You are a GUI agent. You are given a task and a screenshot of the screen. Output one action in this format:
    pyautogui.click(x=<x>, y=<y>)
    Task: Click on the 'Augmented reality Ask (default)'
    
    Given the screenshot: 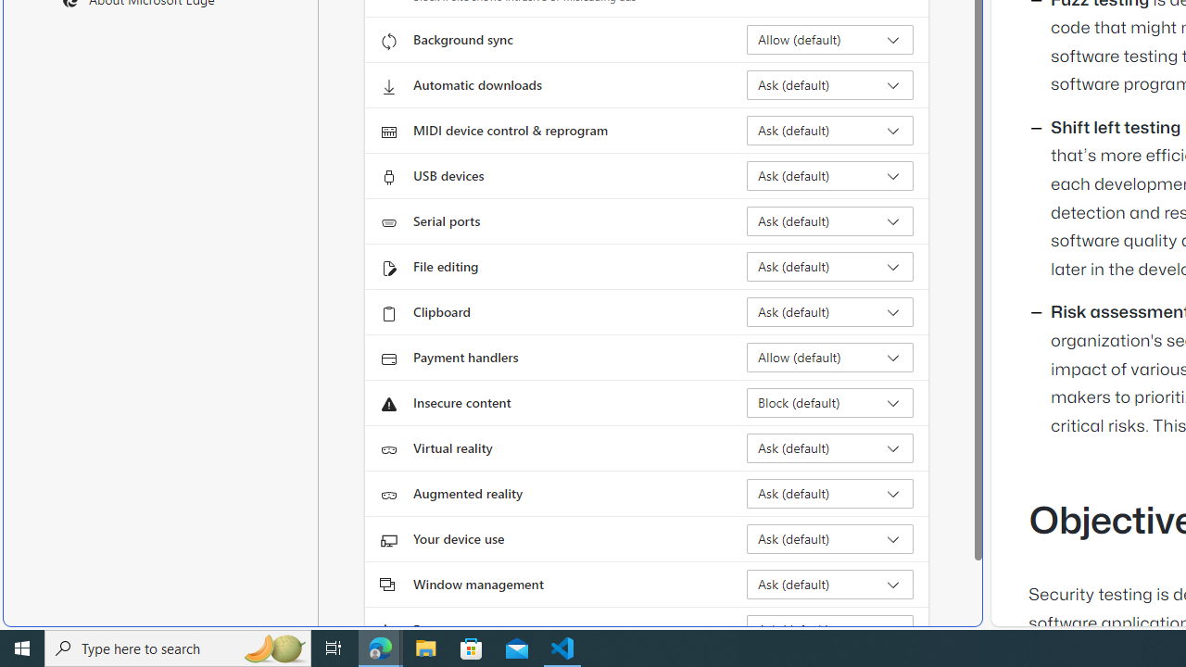 What is the action you would take?
    pyautogui.click(x=829, y=492)
    